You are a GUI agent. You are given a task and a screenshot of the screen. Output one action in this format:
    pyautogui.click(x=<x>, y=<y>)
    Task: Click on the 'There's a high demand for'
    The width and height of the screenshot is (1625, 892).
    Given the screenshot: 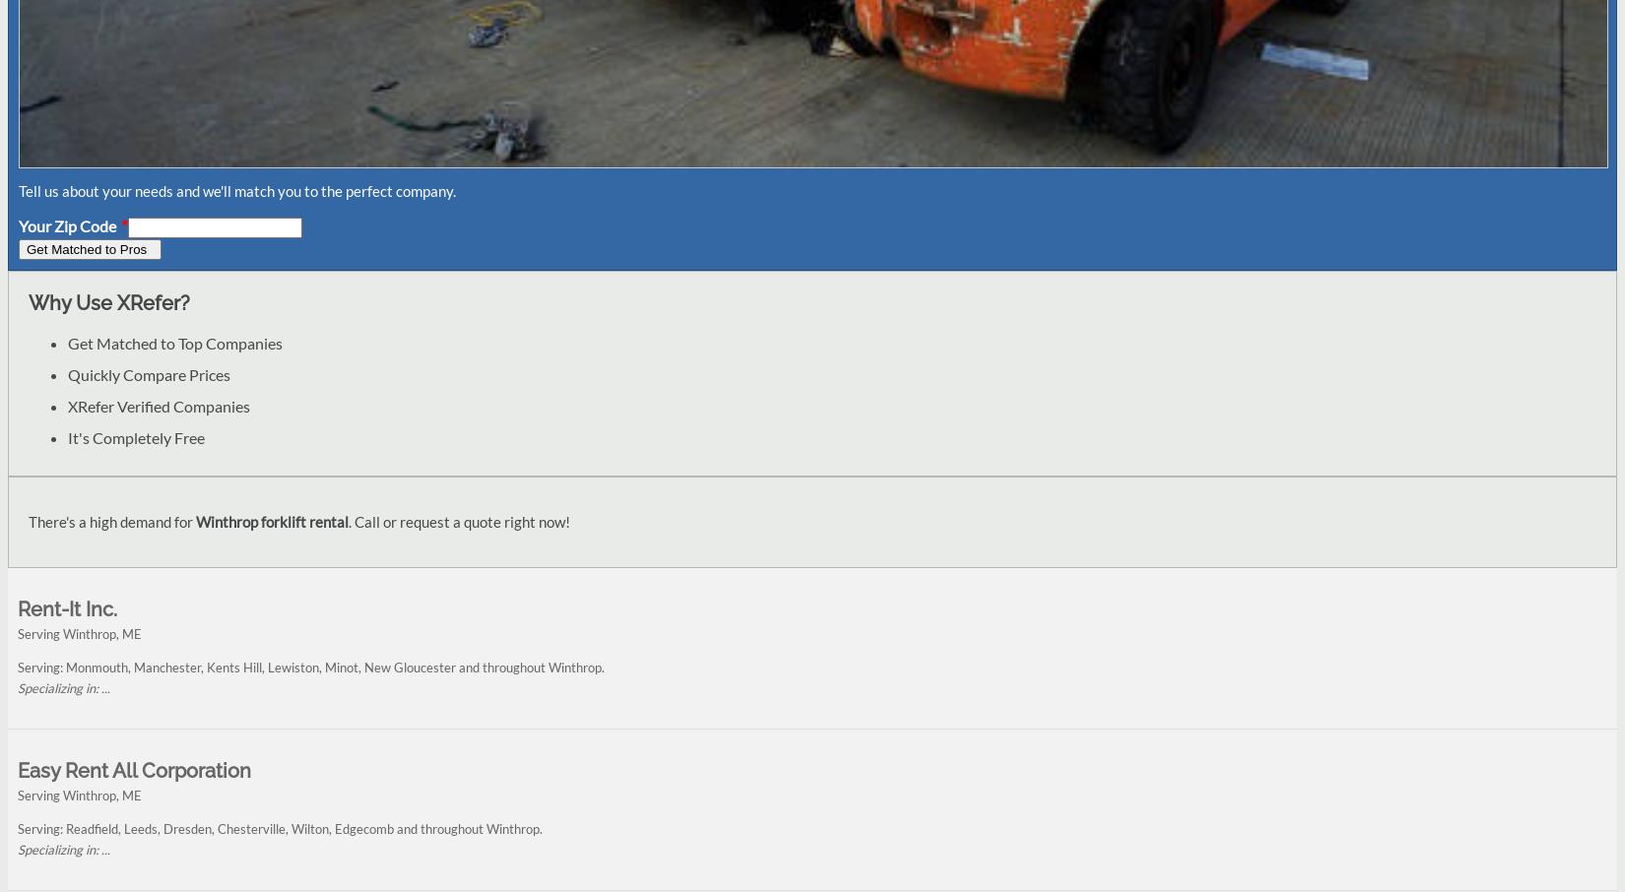 What is the action you would take?
    pyautogui.click(x=112, y=522)
    